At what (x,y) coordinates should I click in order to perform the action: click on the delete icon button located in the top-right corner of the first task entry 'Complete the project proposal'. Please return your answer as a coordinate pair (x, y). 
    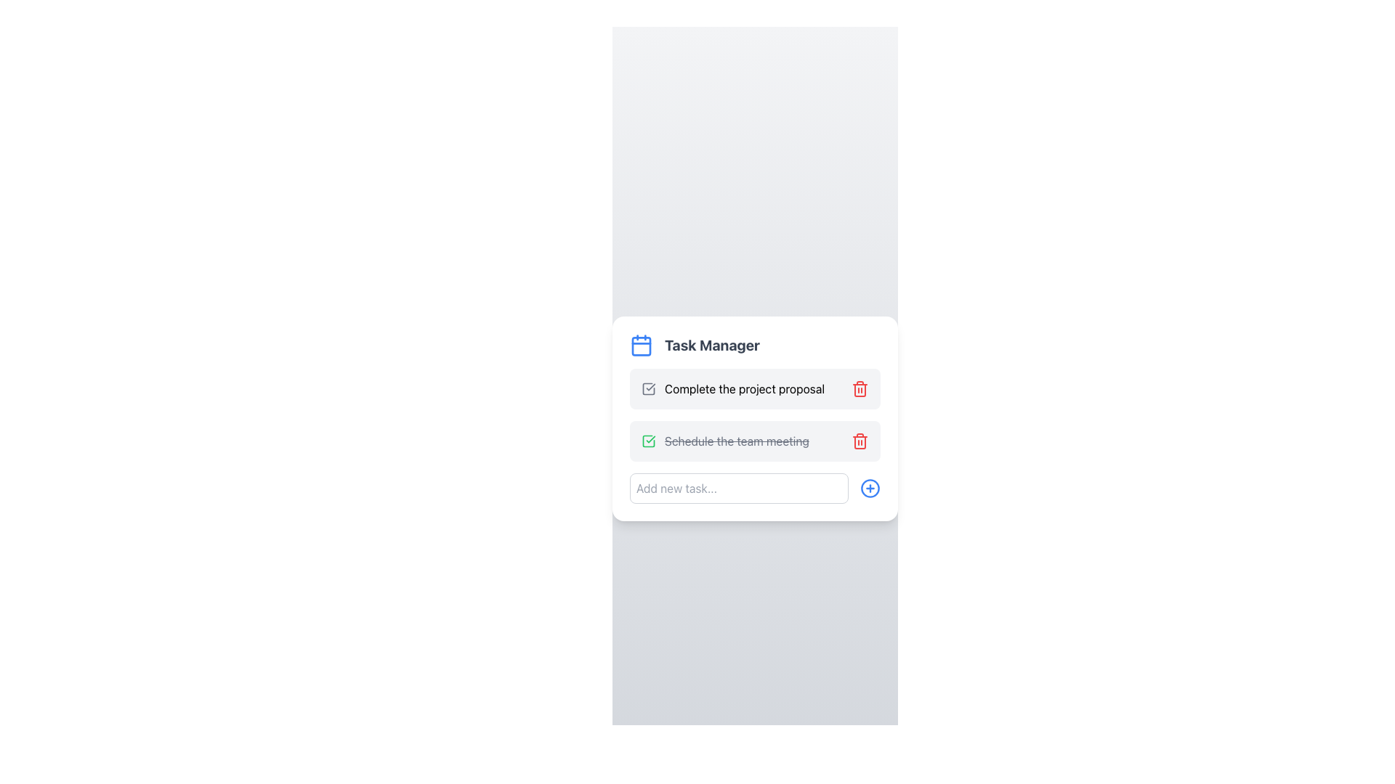
    Looking at the image, I should click on (860, 388).